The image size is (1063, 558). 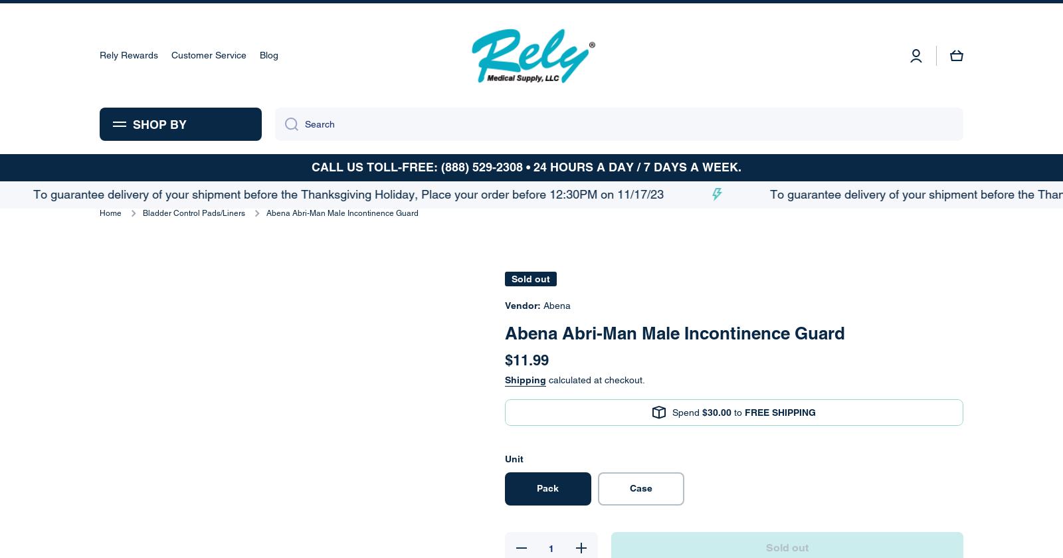 What do you see at coordinates (374, 286) in the screenshot?
I see `'Phone number'` at bounding box center [374, 286].